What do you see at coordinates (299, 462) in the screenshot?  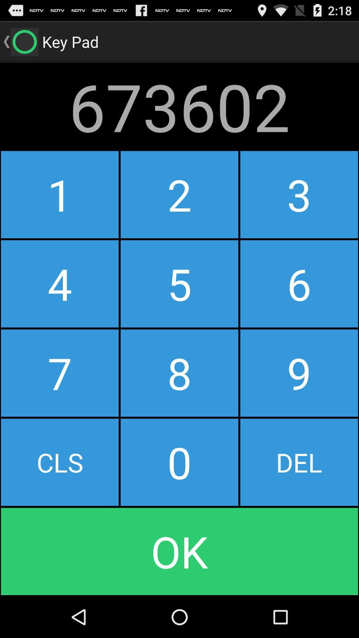 I see `the del button` at bounding box center [299, 462].